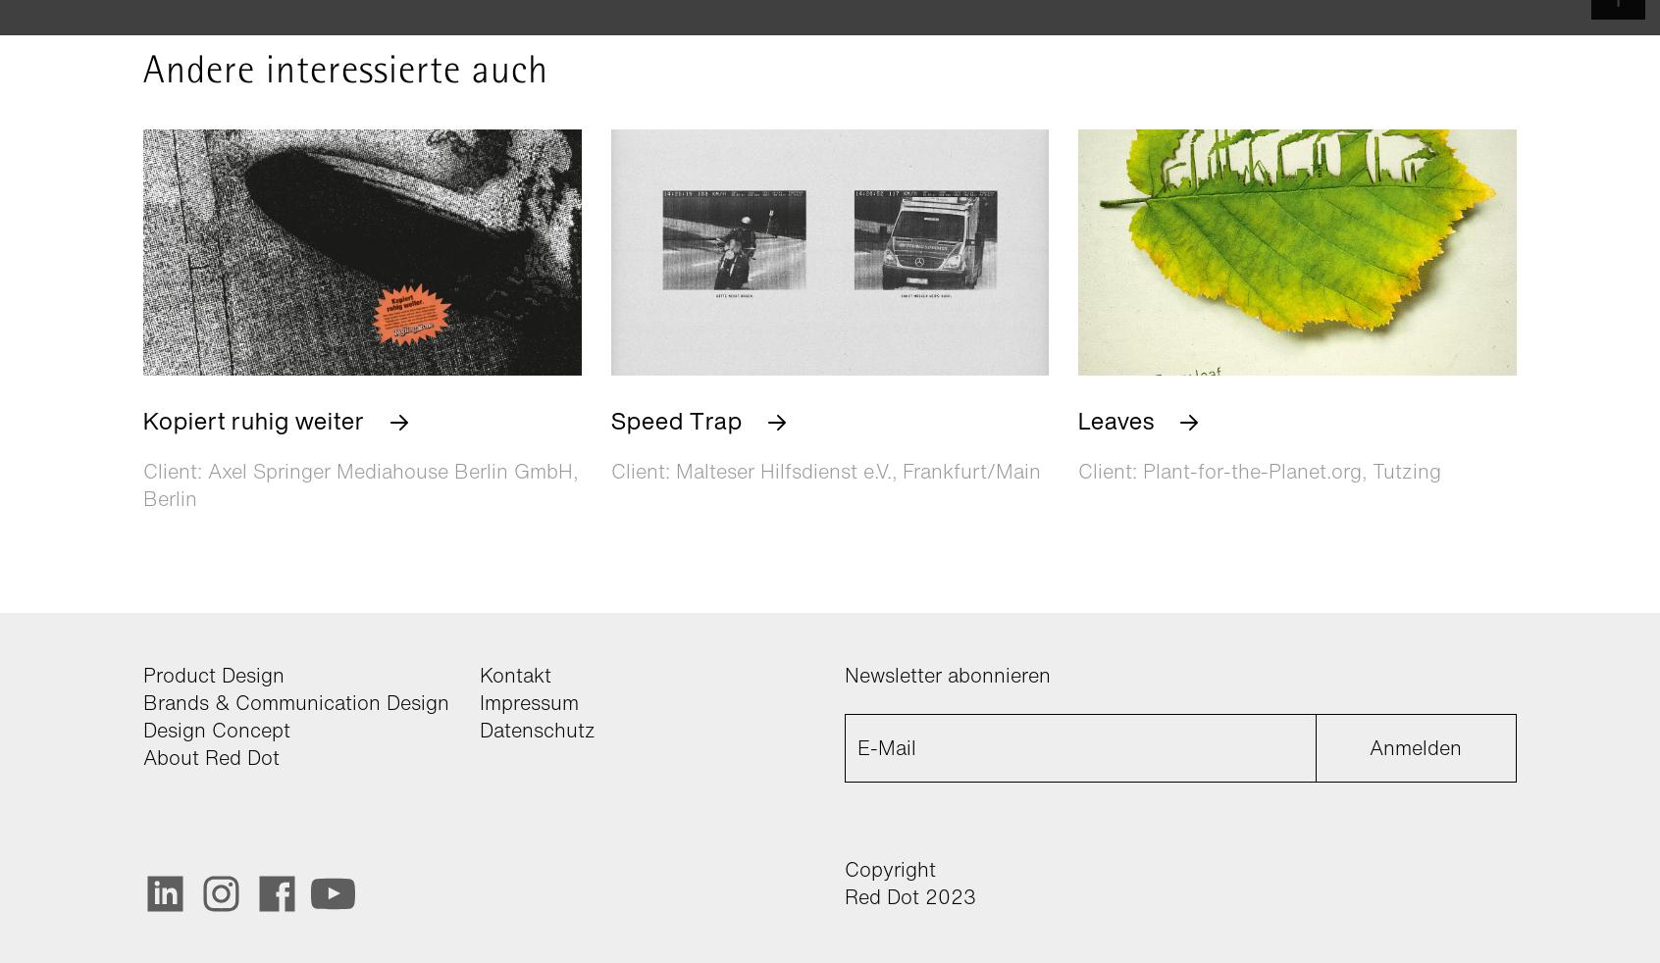 Image resolution: width=1660 pixels, height=963 pixels. Describe the element at coordinates (947, 673) in the screenshot. I see `'Newsletter abonnieren'` at that location.